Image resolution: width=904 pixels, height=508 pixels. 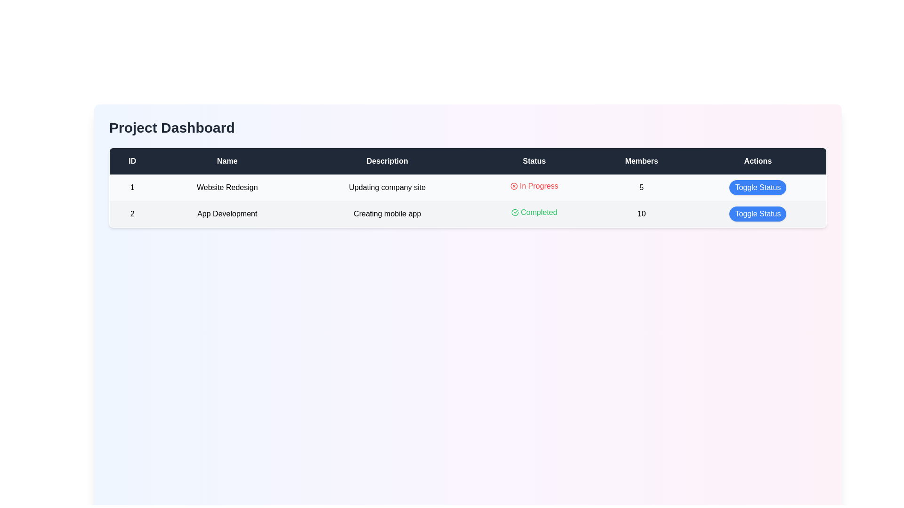 What do you see at coordinates (758, 160) in the screenshot?
I see `the 'Actions' text label, which is a bold white font on a dark background, located in the rightmost position of the table header` at bounding box center [758, 160].